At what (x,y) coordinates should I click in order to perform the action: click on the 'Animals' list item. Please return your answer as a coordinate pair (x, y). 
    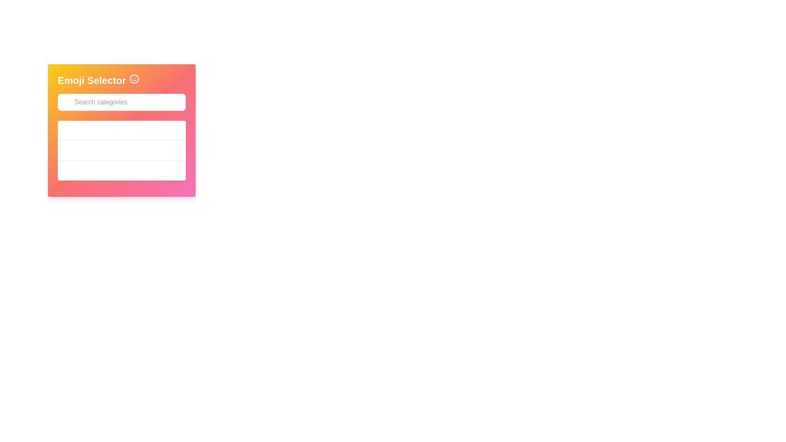
    Looking at the image, I should click on (121, 150).